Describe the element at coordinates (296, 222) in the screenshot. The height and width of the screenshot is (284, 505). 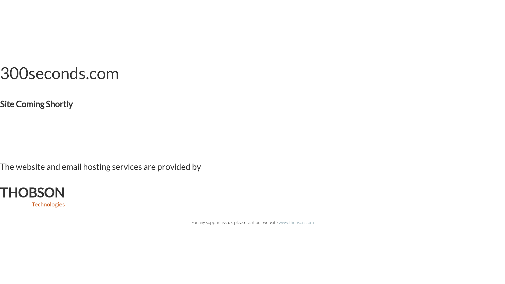
I see `'www.thobson.com'` at that location.